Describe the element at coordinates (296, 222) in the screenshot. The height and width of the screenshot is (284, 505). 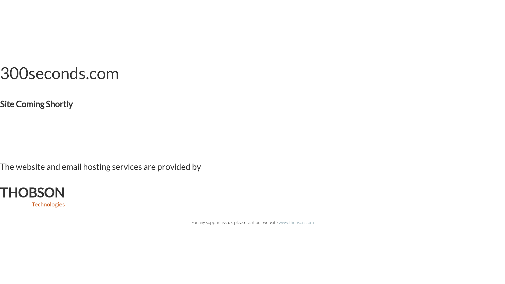
I see `'www.thobson.com'` at that location.